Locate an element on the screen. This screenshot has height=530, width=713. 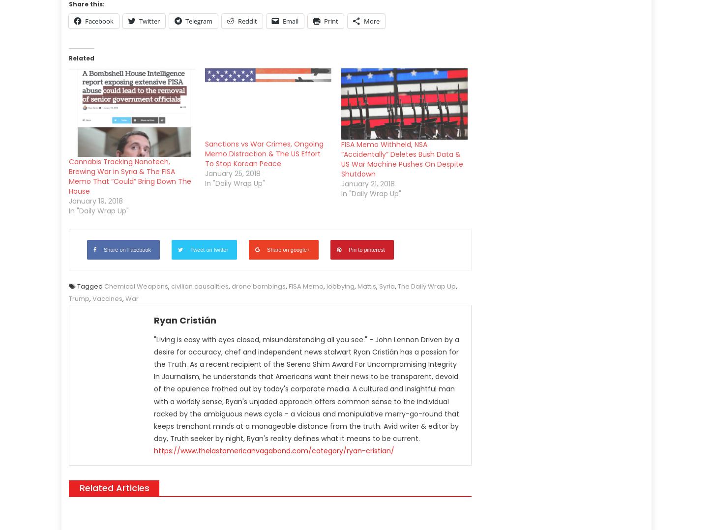
'More' is located at coordinates (372, 21).